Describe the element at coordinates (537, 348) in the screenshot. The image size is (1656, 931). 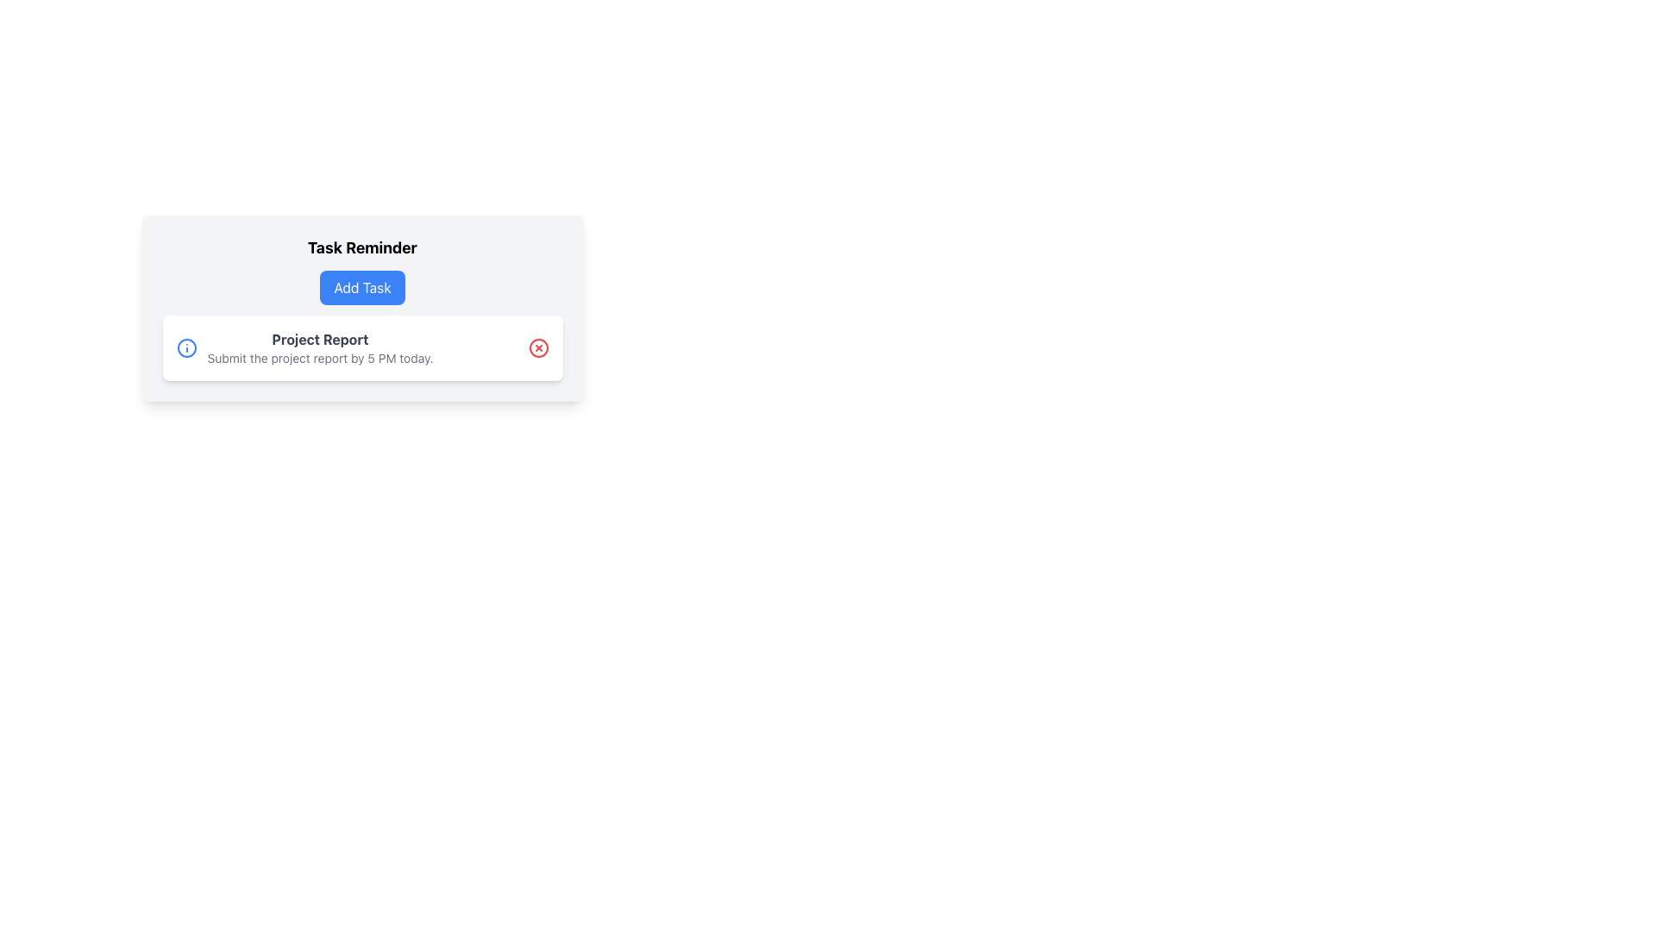
I see `the delete button located at the far right of the 'Project Report' task block` at that location.